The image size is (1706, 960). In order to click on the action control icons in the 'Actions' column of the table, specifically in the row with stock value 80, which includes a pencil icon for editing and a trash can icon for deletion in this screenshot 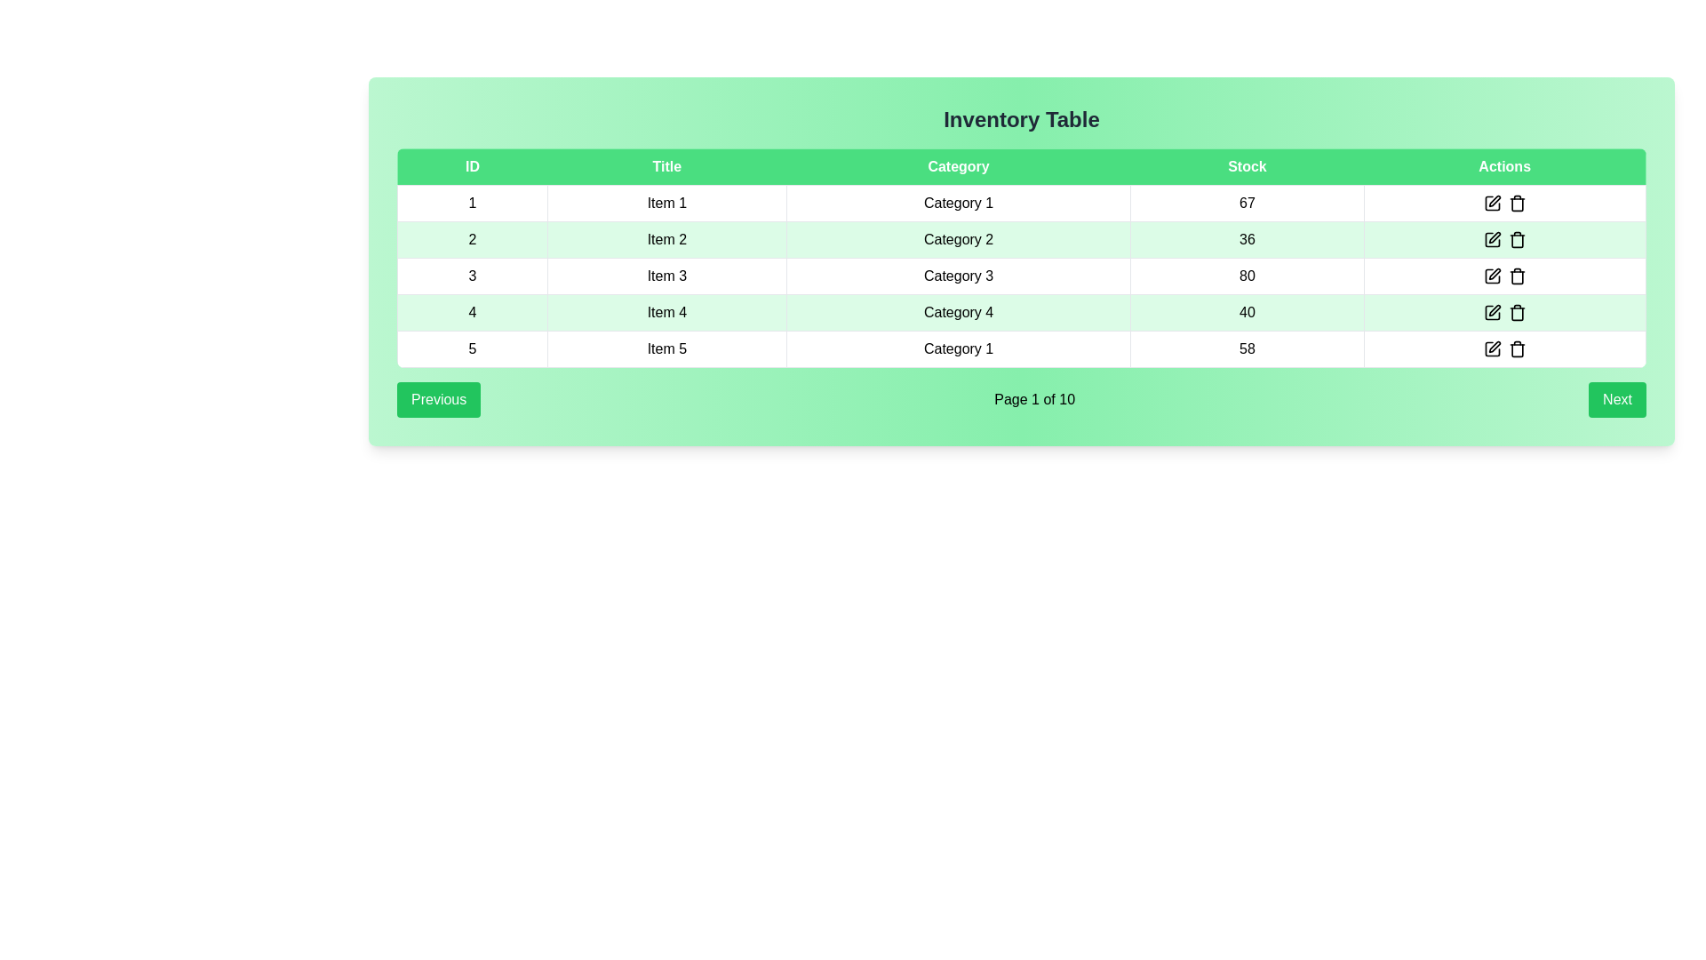, I will do `click(1504, 276)`.